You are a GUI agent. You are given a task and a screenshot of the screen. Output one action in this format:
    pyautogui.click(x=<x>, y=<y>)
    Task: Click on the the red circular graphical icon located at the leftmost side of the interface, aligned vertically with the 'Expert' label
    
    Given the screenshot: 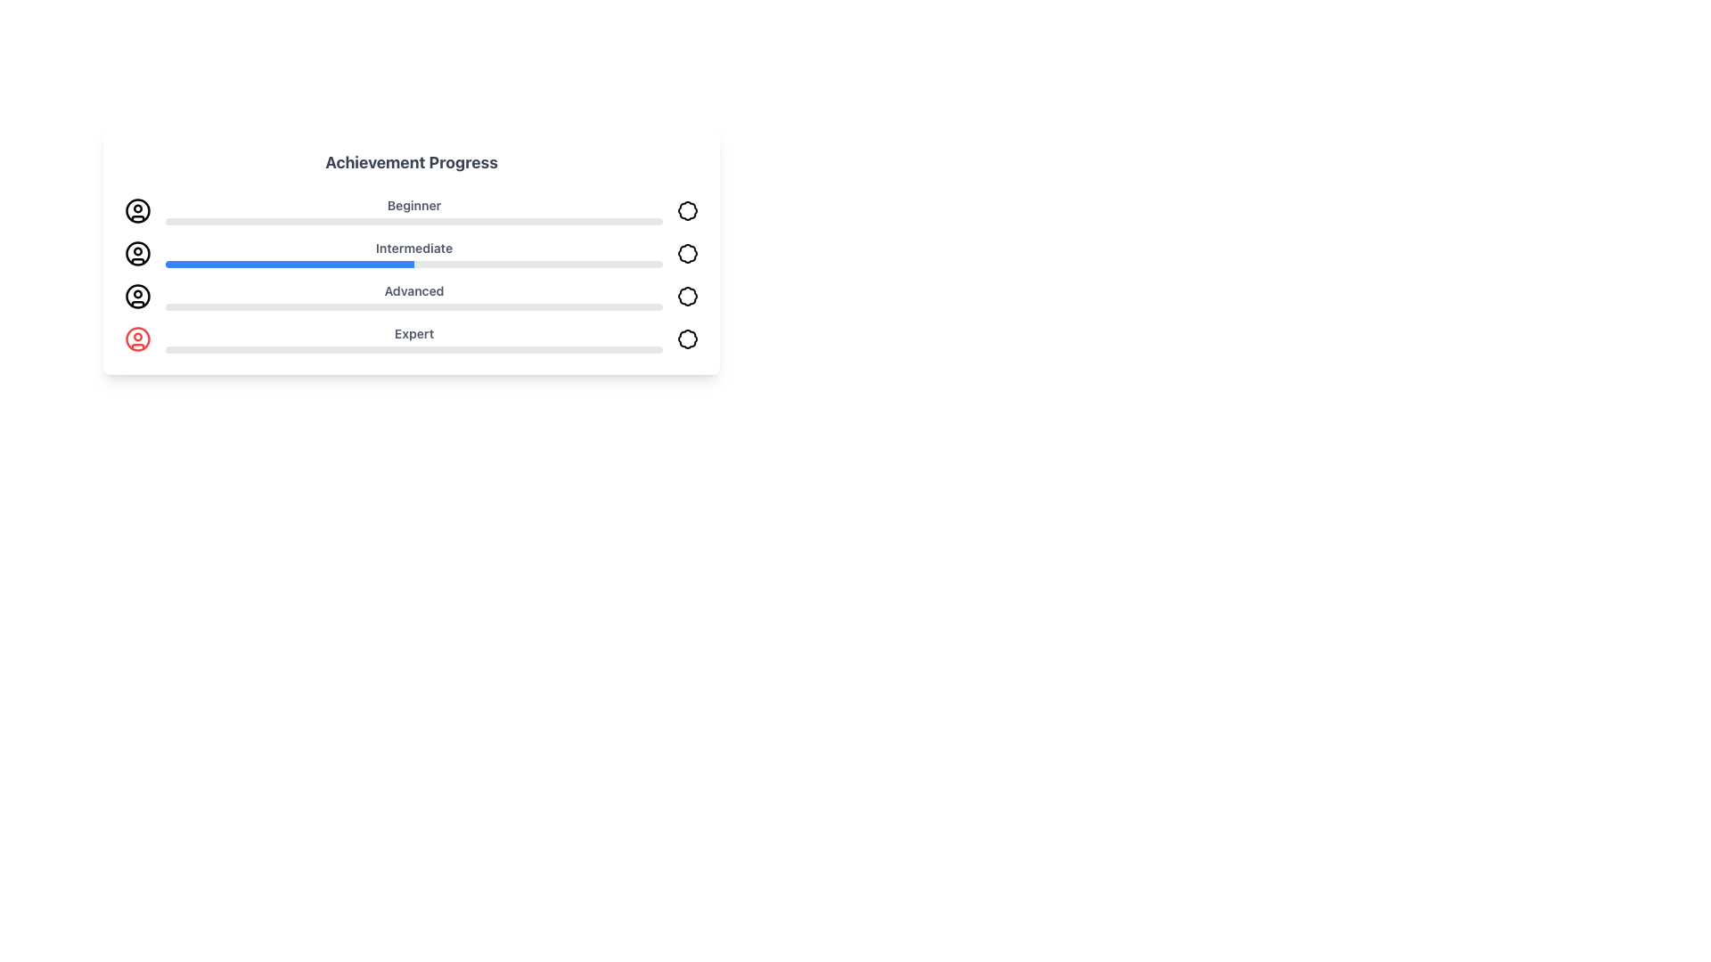 What is the action you would take?
    pyautogui.click(x=136, y=339)
    